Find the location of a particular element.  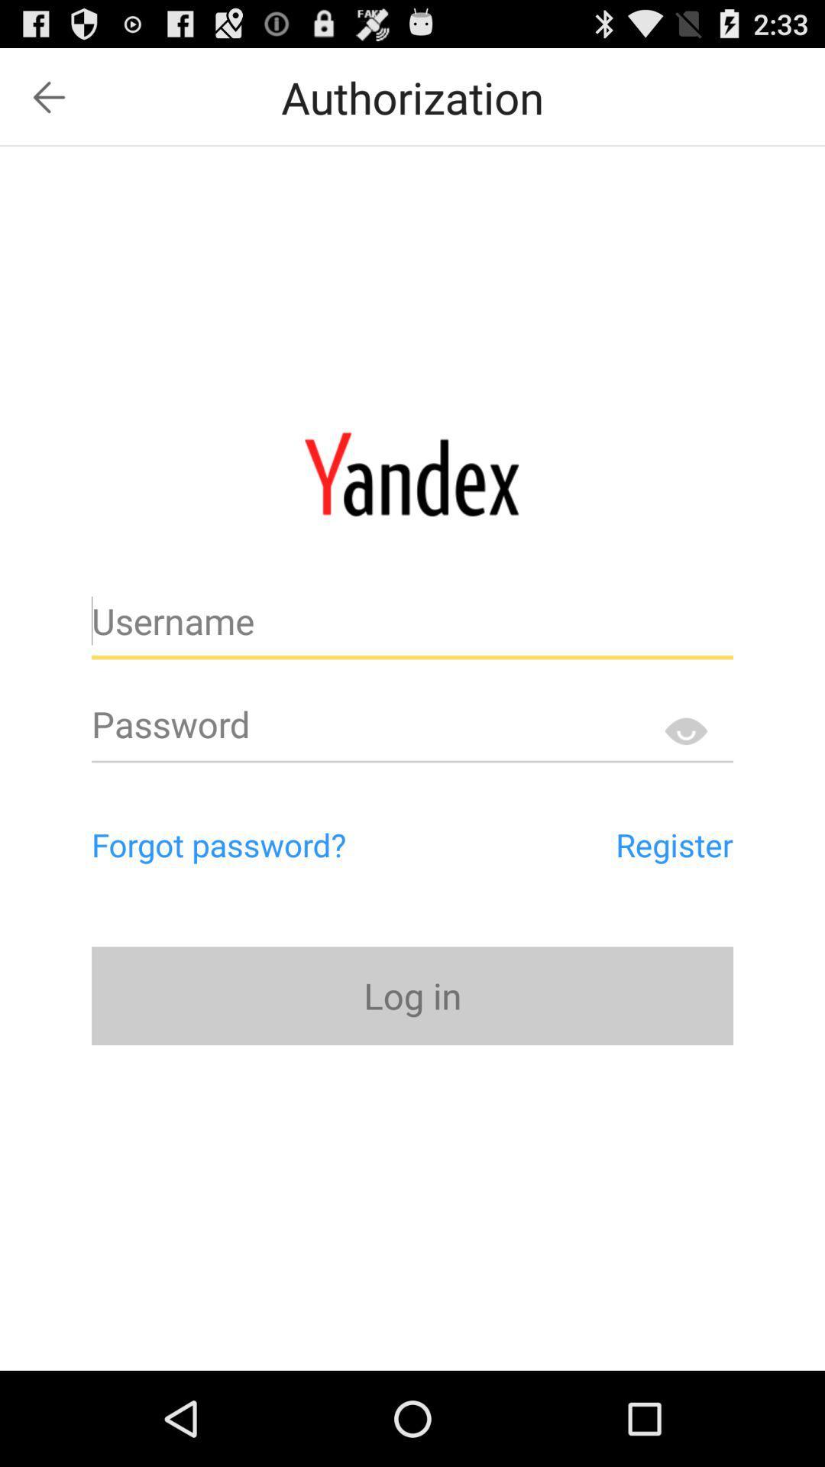

show password is located at coordinates (684, 730).